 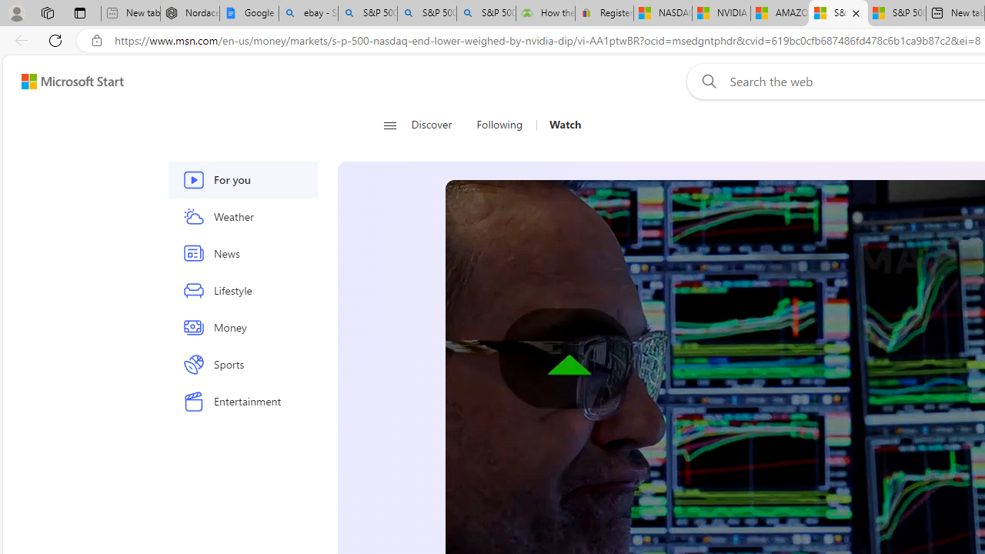 I want to click on 'New tab - Sleeping', so click(x=131, y=13).